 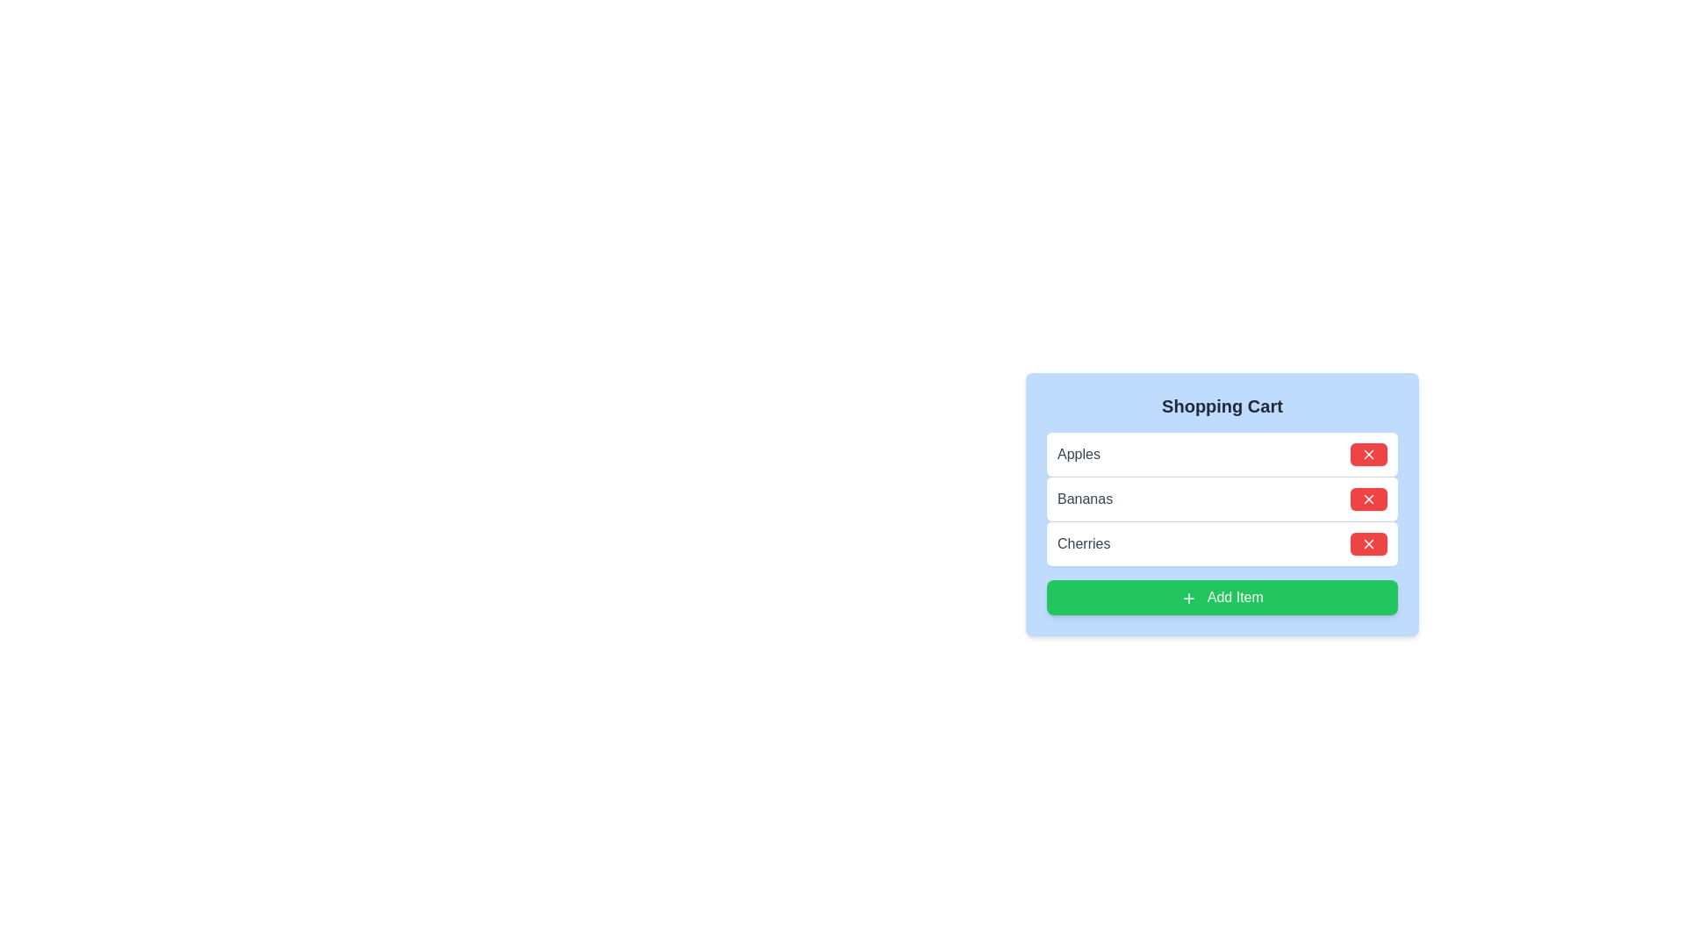 What do you see at coordinates (1368, 499) in the screenshot?
I see `the delete button located immediately to the right of the 'Bananas' item in the shopping cart` at bounding box center [1368, 499].